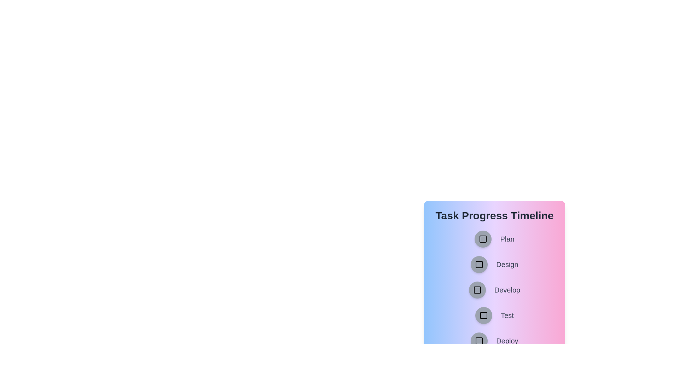 The width and height of the screenshot is (679, 382). What do you see at coordinates (507, 290) in the screenshot?
I see `the task name associated with the button labeled Develop` at bounding box center [507, 290].